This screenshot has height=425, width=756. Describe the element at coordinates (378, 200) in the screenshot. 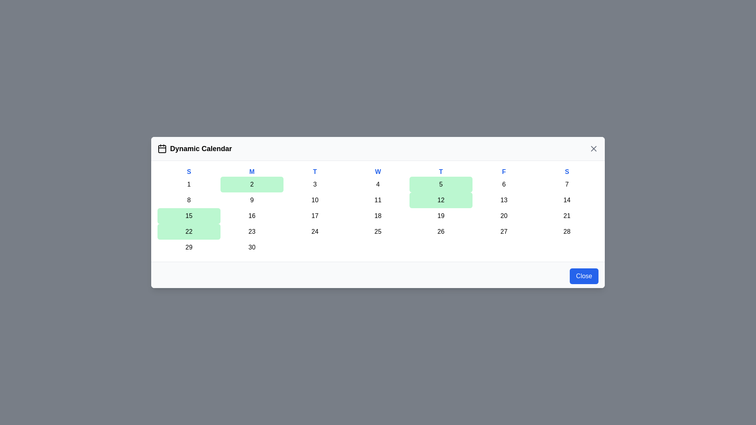

I see `the day cell corresponding to 11` at that location.